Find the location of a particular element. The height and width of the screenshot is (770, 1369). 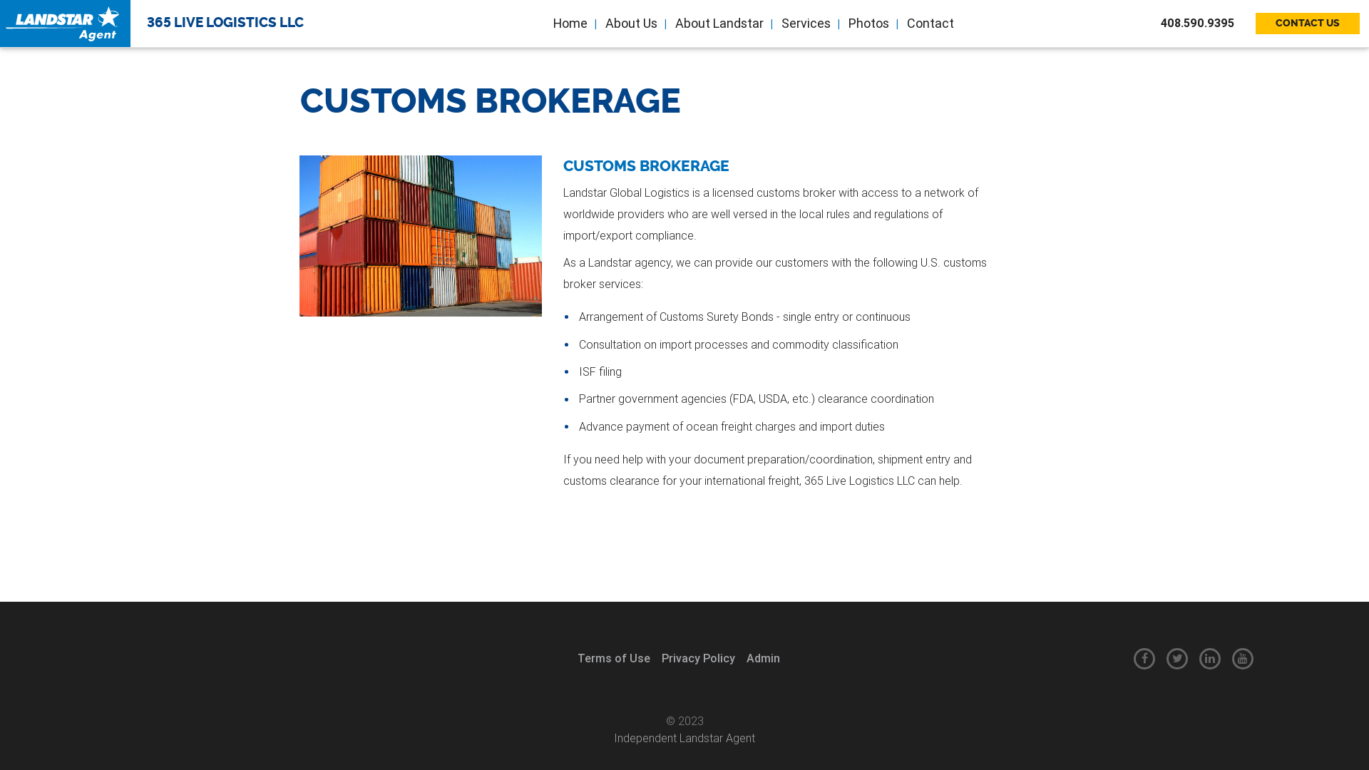

'CONTACT US' is located at coordinates (1307, 24).